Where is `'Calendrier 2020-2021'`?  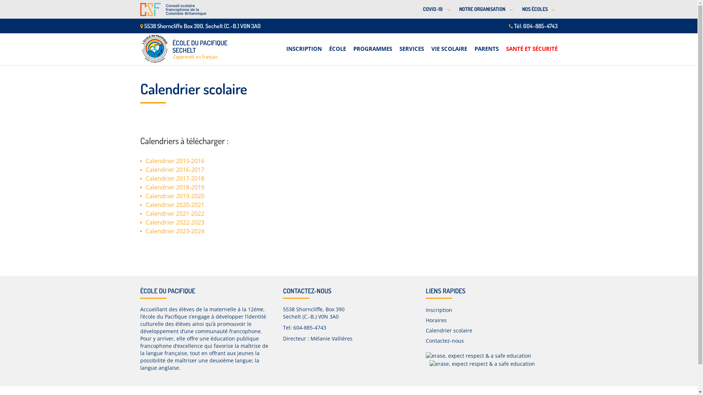
'Calendrier 2020-2021' is located at coordinates (146, 204).